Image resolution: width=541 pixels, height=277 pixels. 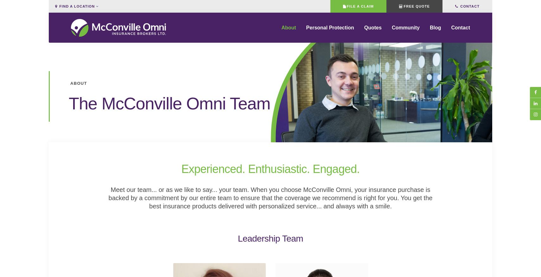 I want to click on 'Meet our team... or as we like to say... your team. When you choose McConville Omni, your insurance purchase is backed by a commitment by our entire team to ensure that the coverage we recommend is right for you. You get the best insurance products delivered with personalized service... and always with a smile.', so click(x=108, y=198).